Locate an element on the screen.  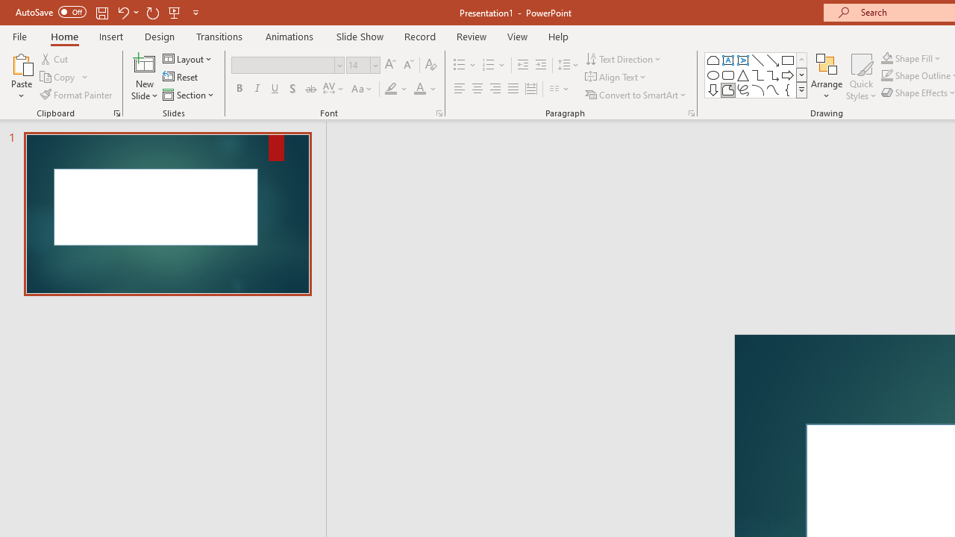
'Increase Font Size' is located at coordinates (389, 64).